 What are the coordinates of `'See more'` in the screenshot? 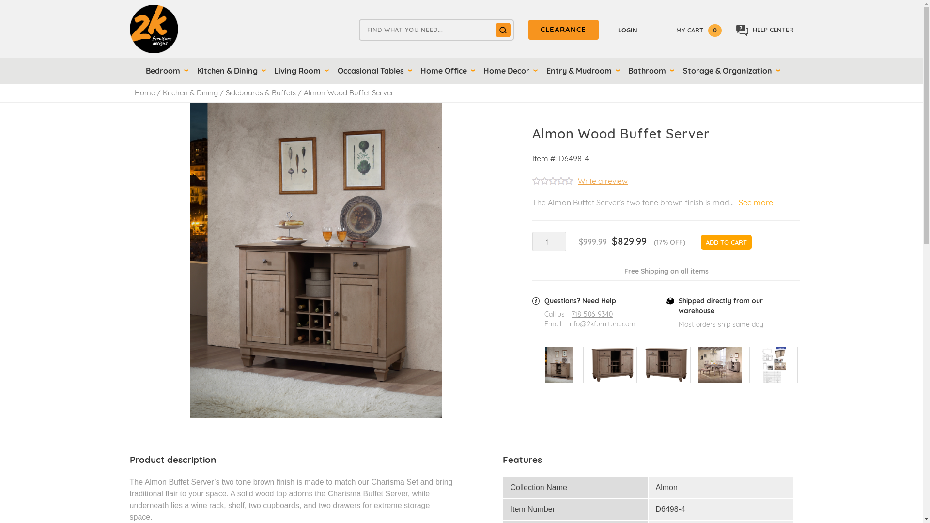 It's located at (755, 201).